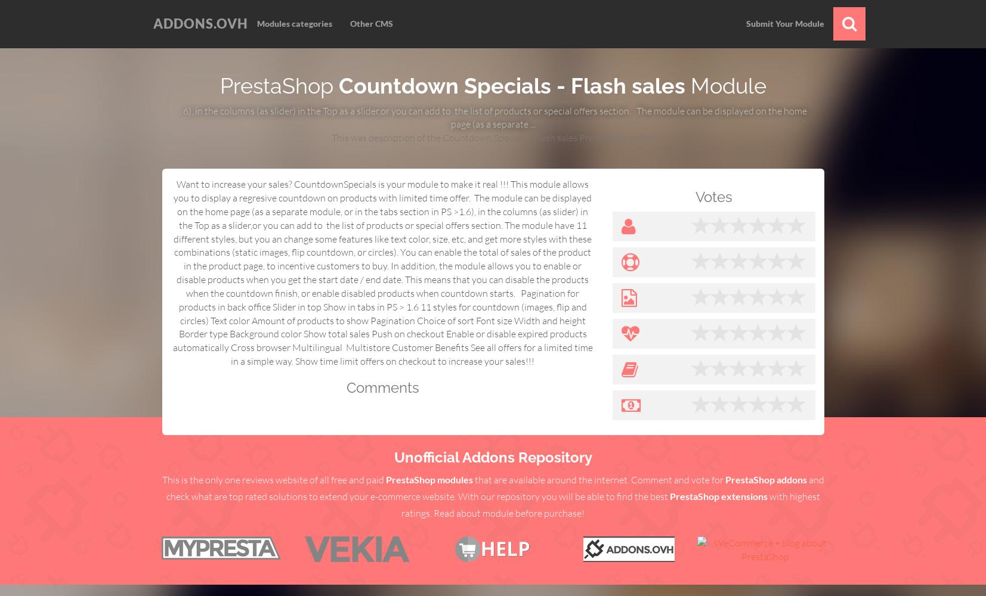 The height and width of the screenshot is (596, 986). What do you see at coordinates (492, 457) in the screenshot?
I see `'Unofficial Addons Repository'` at bounding box center [492, 457].